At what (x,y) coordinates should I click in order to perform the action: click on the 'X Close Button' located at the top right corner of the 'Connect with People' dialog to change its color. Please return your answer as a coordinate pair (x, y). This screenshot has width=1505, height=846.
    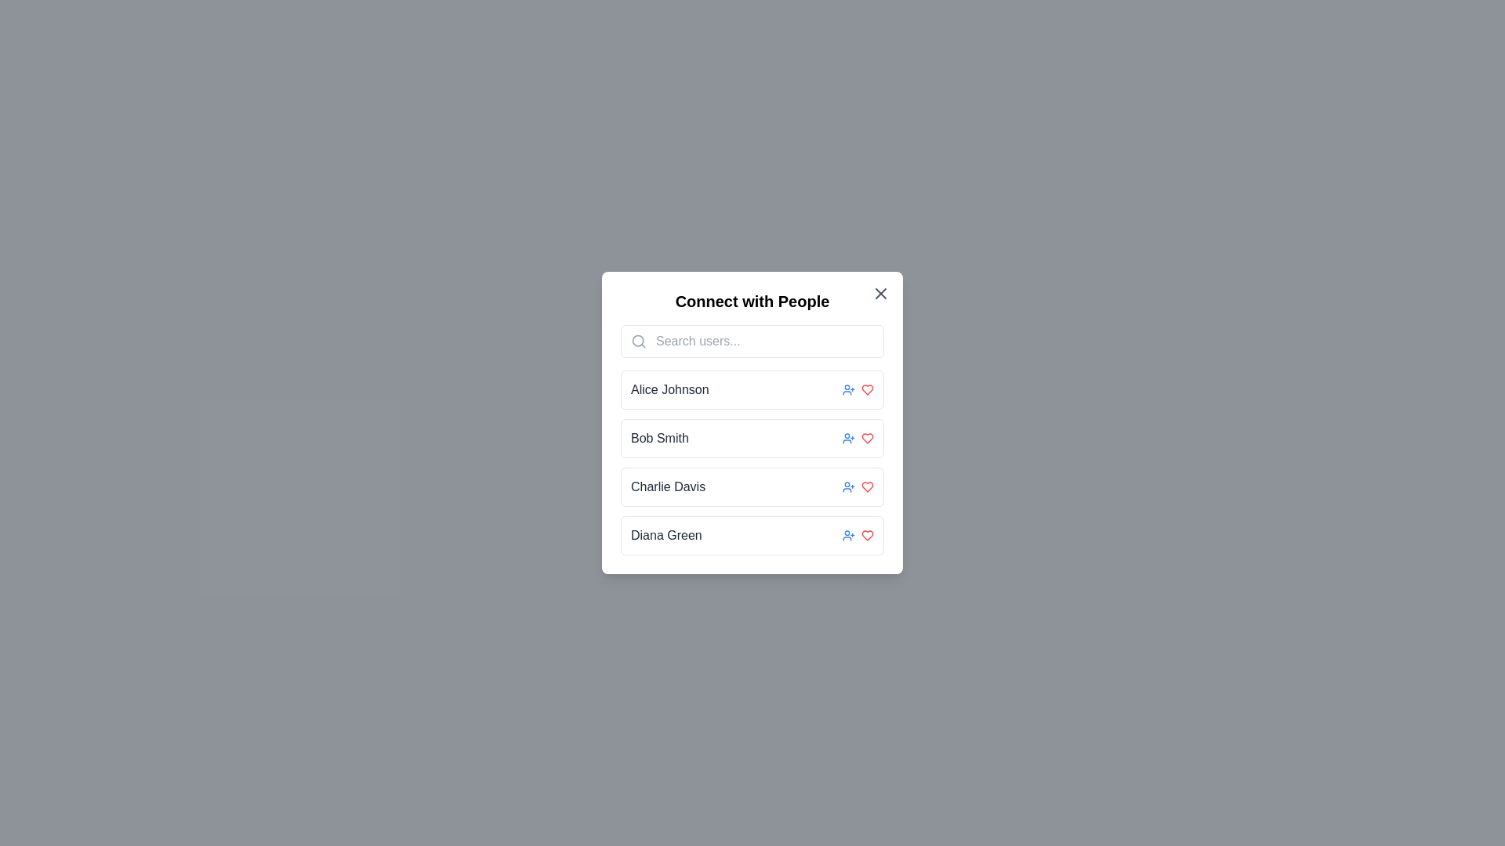
    Looking at the image, I should click on (880, 293).